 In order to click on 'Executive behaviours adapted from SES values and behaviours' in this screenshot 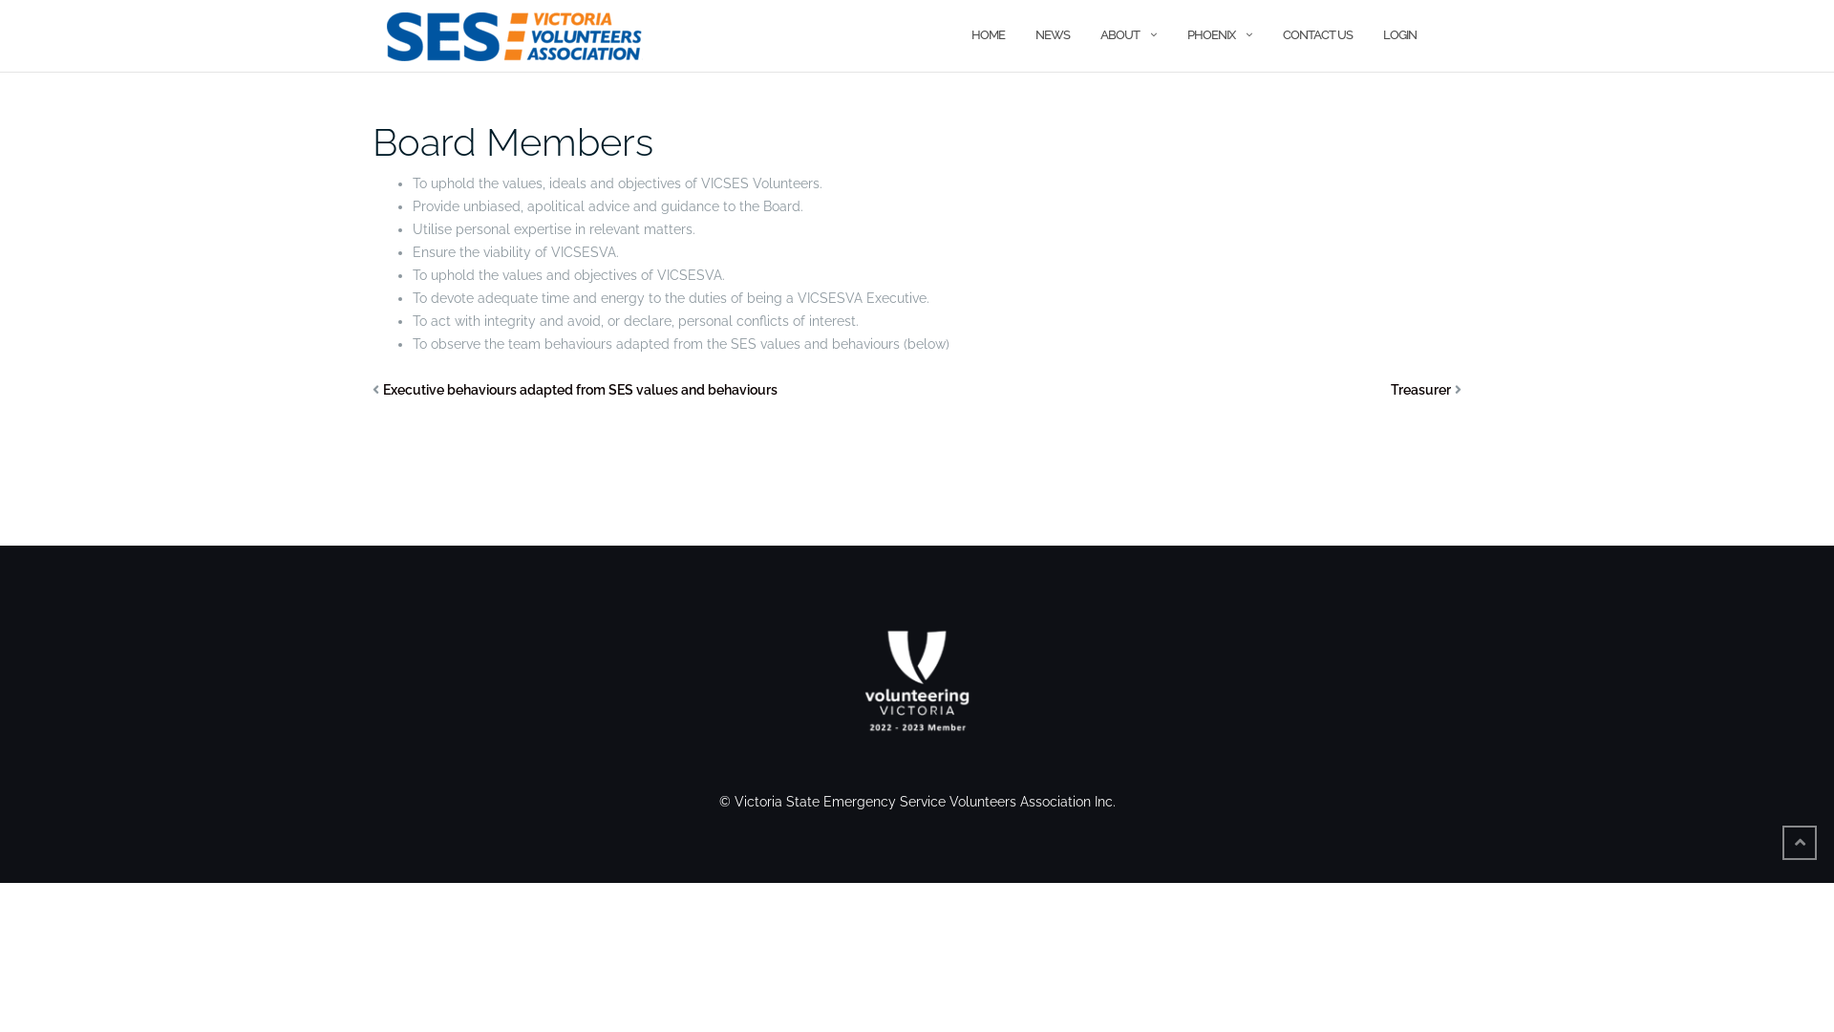, I will do `click(579, 389)`.